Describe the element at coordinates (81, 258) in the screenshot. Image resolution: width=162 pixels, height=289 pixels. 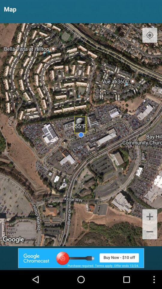
I see `advertisement` at that location.